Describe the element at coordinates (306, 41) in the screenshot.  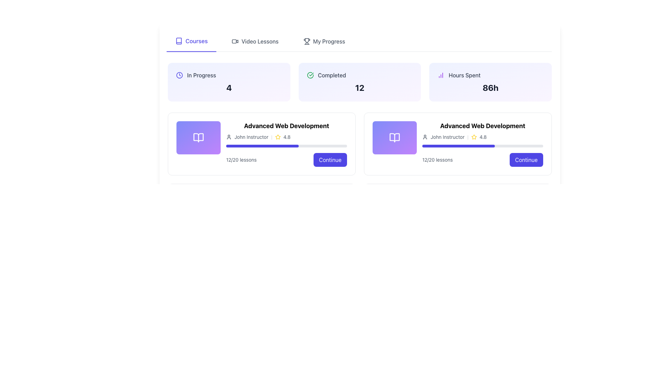
I see `the trophy icon located to the left of the text 'My Progress' in the navigation section` at that location.